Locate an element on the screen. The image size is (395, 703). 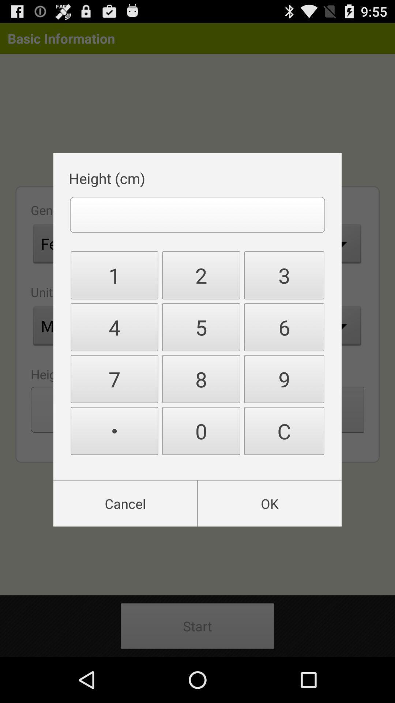
item next to 2 is located at coordinates (283, 327).